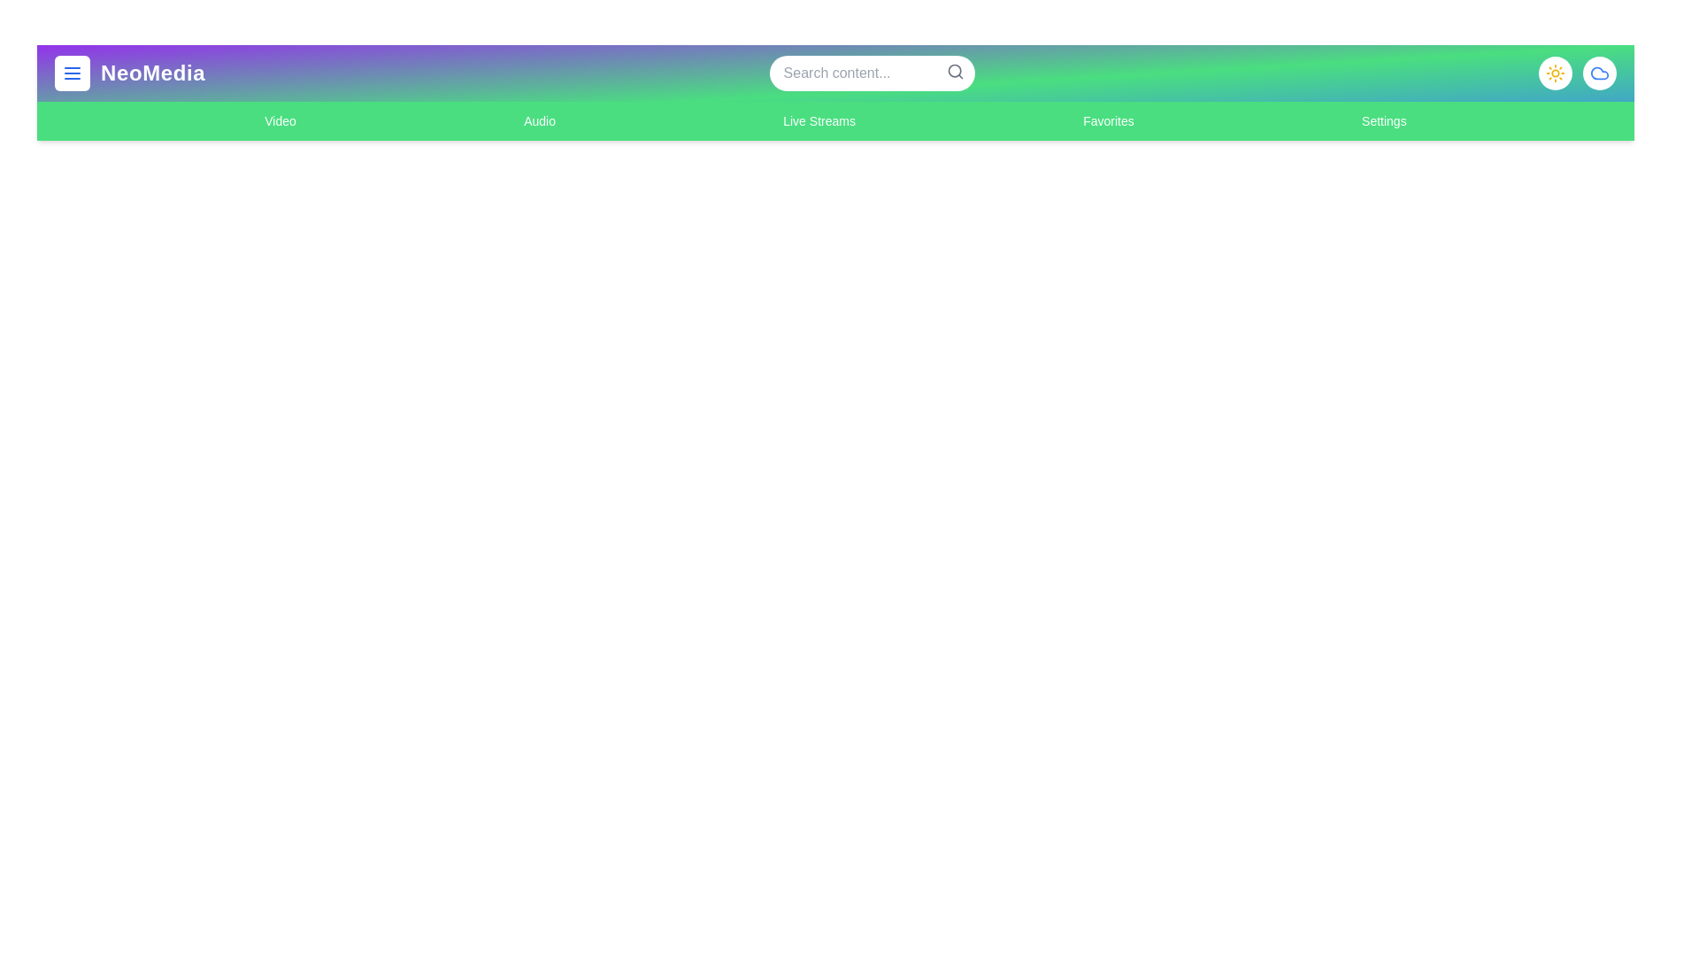 Image resolution: width=1699 pixels, height=956 pixels. I want to click on menu button to open the sidebar or menu, so click(71, 73).